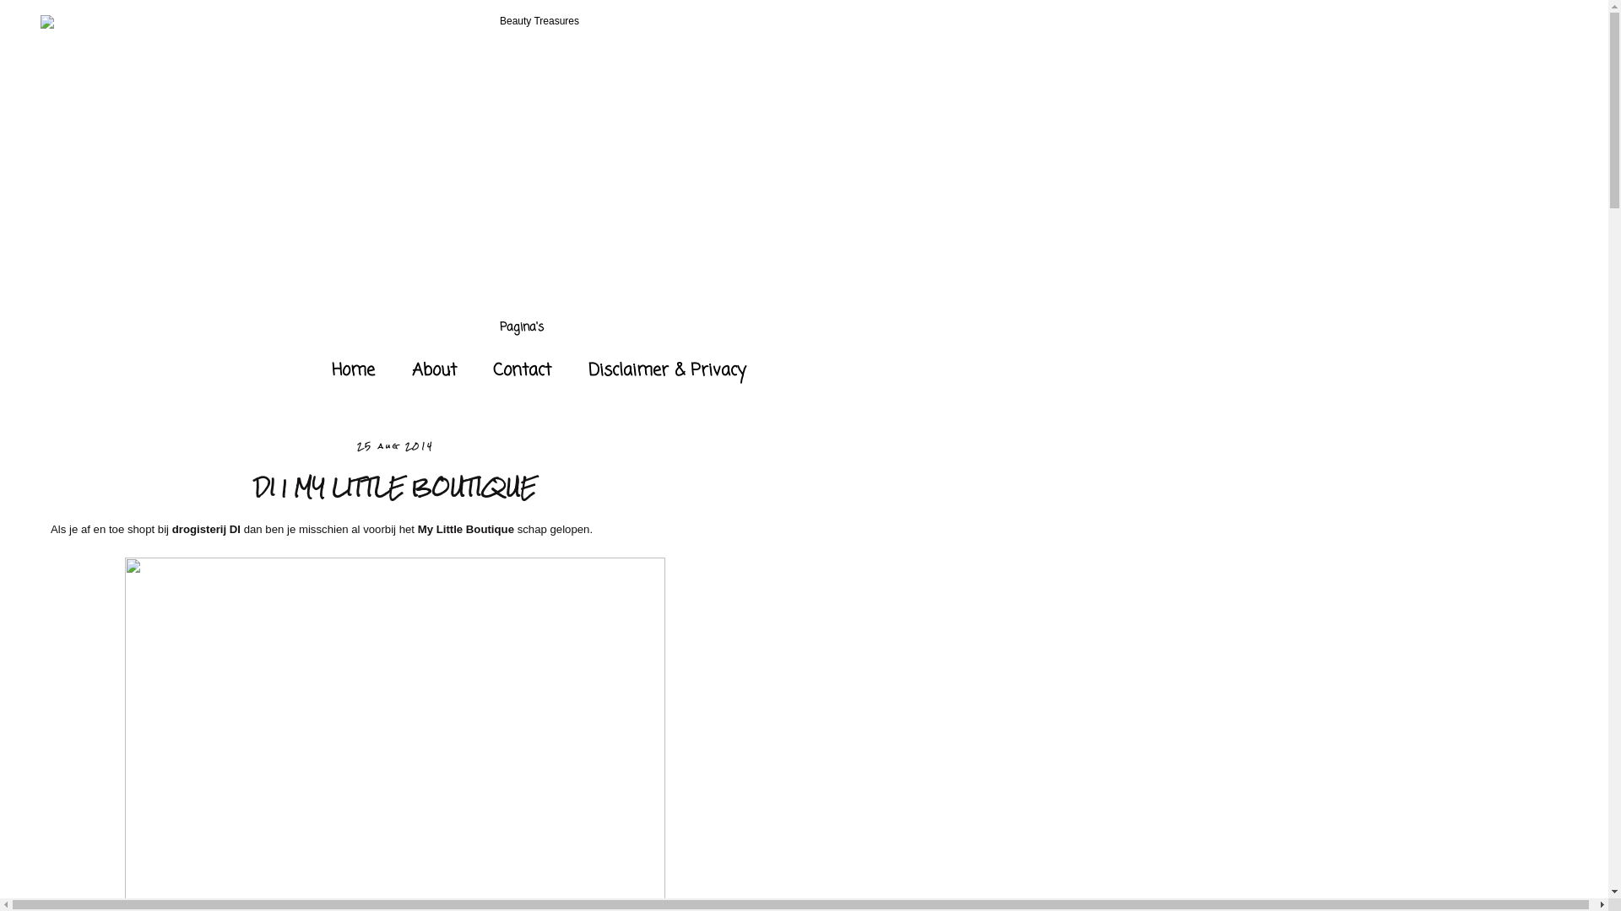 The width and height of the screenshot is (1621, 911). I want to click on 'Disclaimer & Privacy', so click(666, 369).